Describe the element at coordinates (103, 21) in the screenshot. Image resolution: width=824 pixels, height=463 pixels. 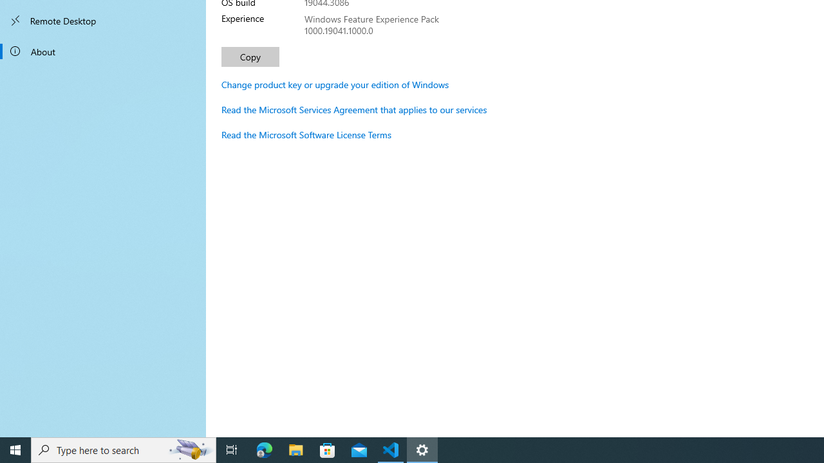
I see `'Remote Desktop'` at that location.